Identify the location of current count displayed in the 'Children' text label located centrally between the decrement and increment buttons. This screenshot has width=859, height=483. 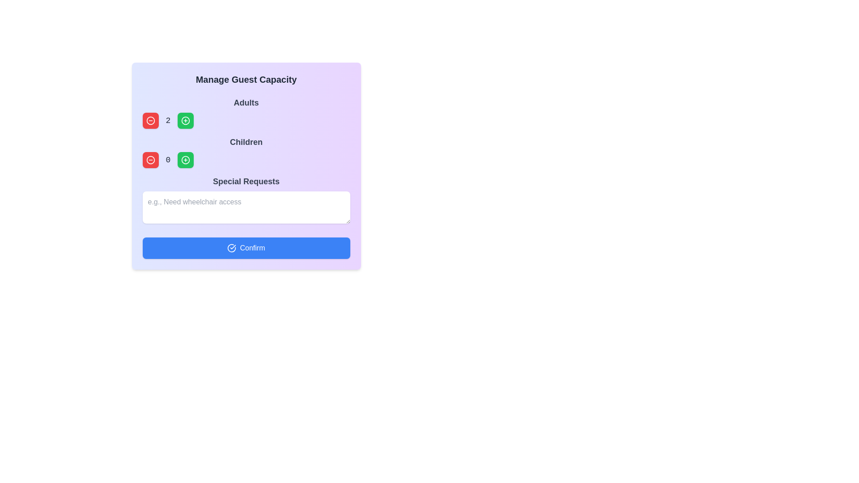
(168, 160).